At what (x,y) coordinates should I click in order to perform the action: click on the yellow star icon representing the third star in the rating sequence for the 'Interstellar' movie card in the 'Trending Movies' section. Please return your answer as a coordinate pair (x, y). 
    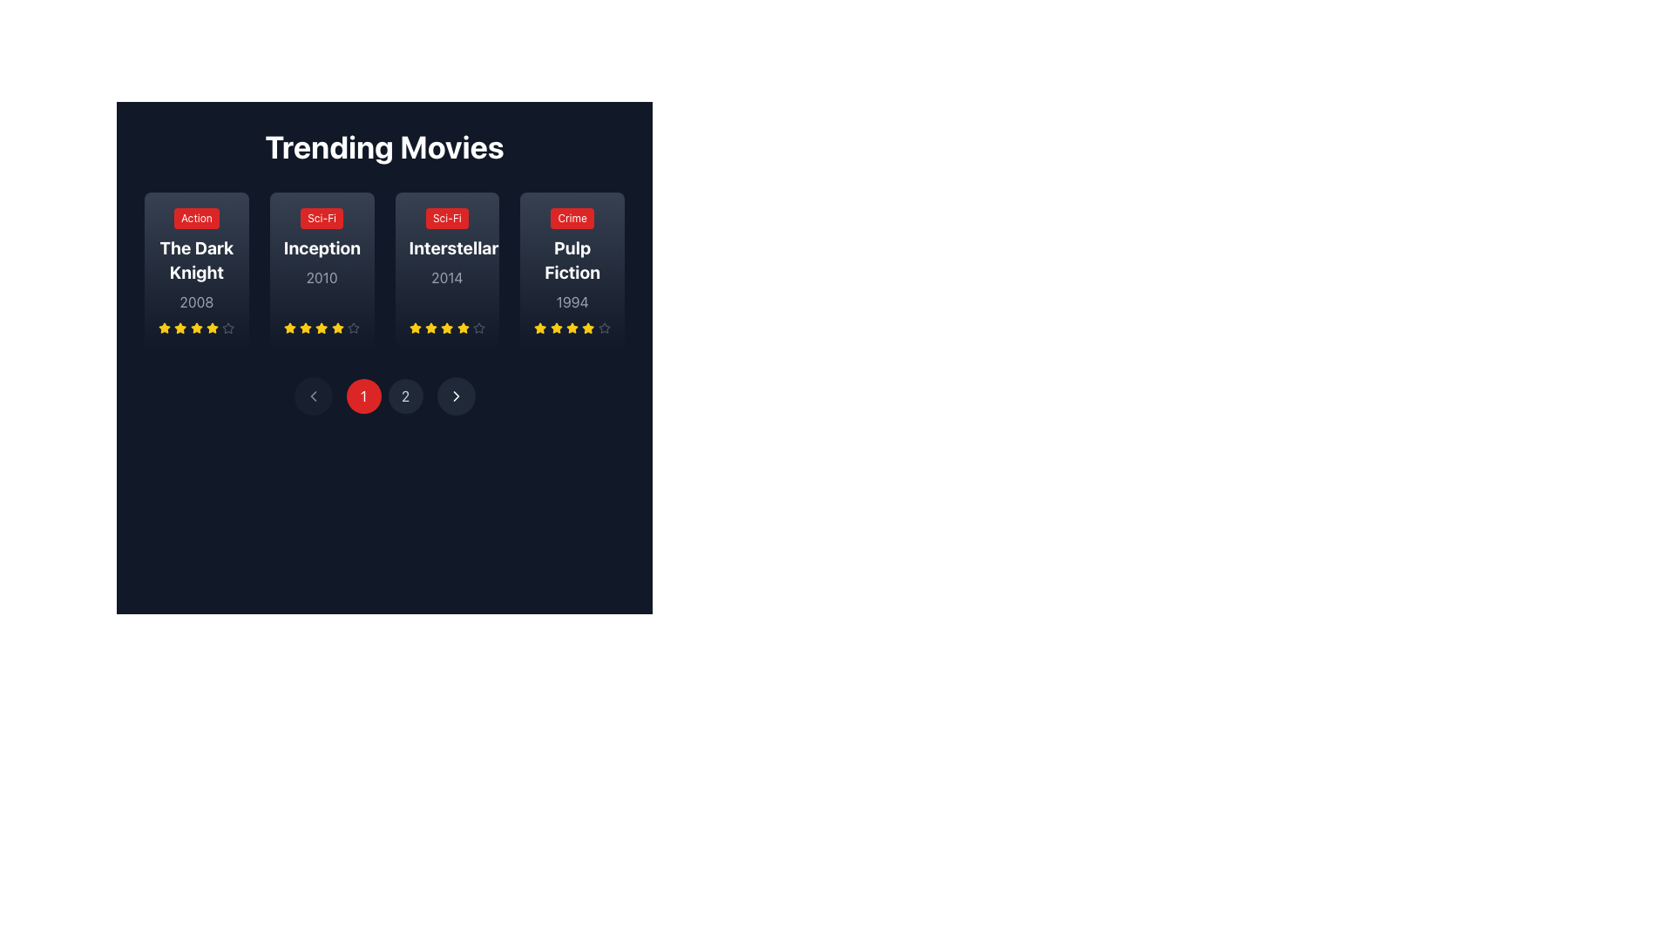
    Looking at the image, I should click on (463, 328).